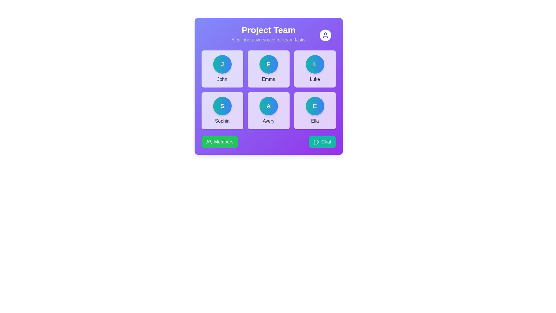  I want to click on the avatar representing user 'Avery', so click(268, 106).